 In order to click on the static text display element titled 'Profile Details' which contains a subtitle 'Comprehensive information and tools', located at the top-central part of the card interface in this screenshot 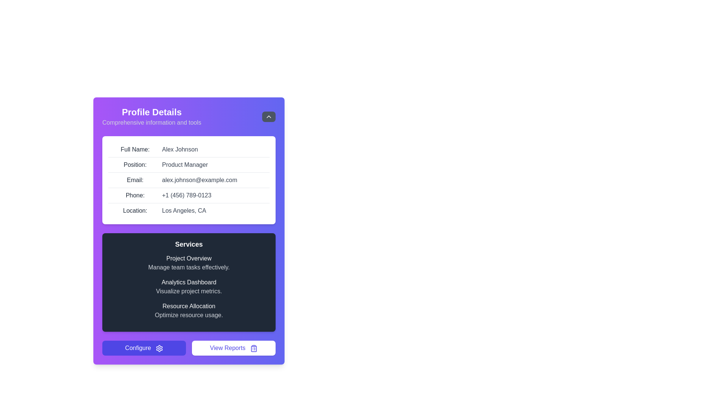, I will do `click(151, 116)`.